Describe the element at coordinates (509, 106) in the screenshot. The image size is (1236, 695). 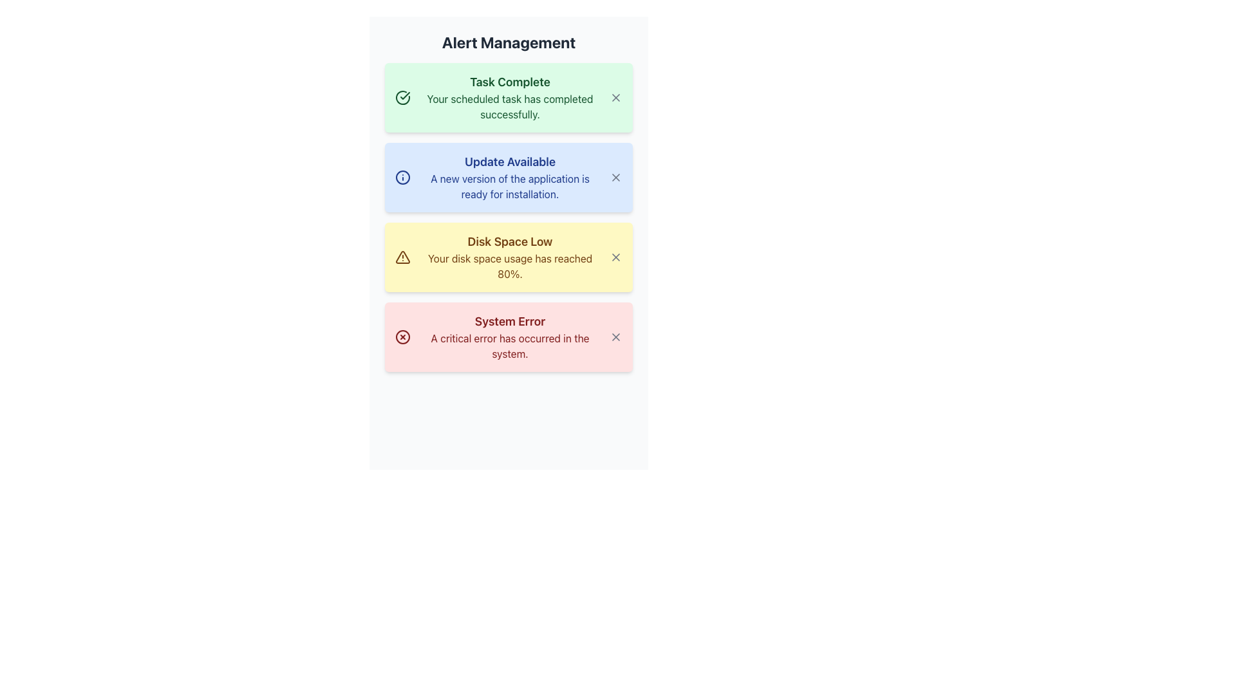
I see `success notification text that appears below the bold text 'Task Complete' in the first alert of the notification list` at that location.